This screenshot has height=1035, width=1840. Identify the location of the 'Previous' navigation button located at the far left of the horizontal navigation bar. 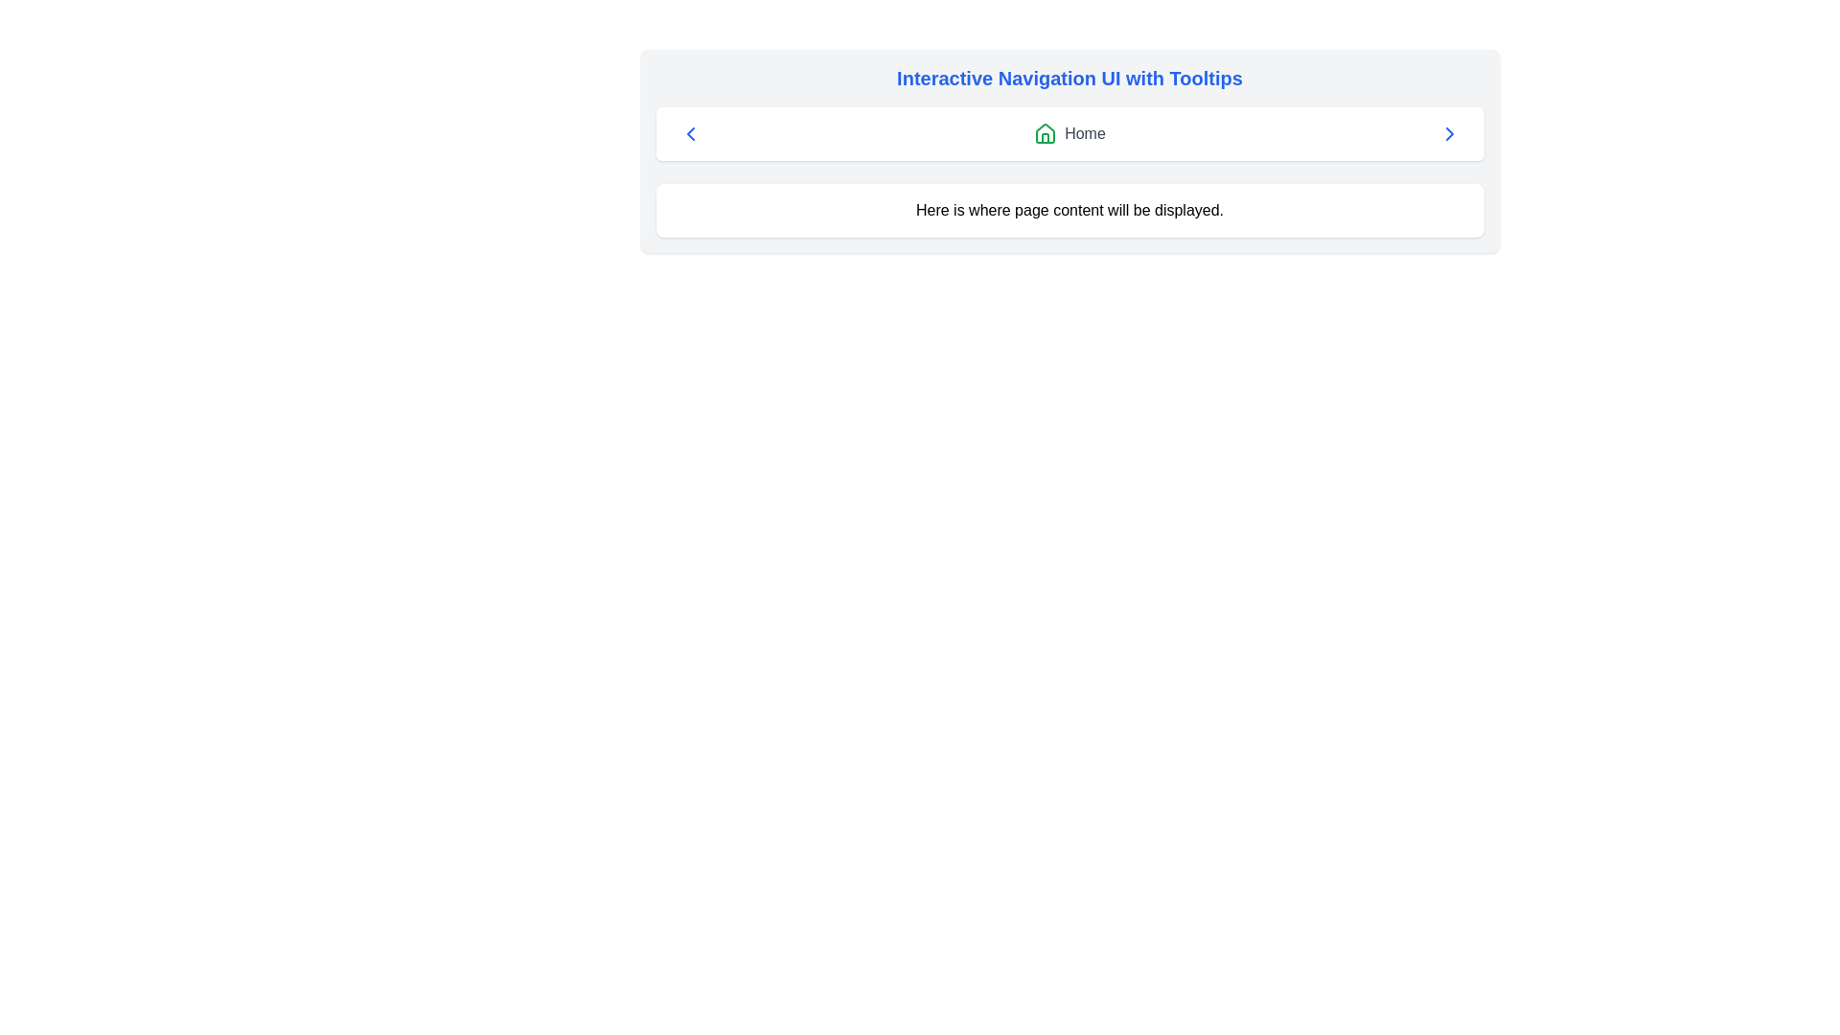
(690, 132).